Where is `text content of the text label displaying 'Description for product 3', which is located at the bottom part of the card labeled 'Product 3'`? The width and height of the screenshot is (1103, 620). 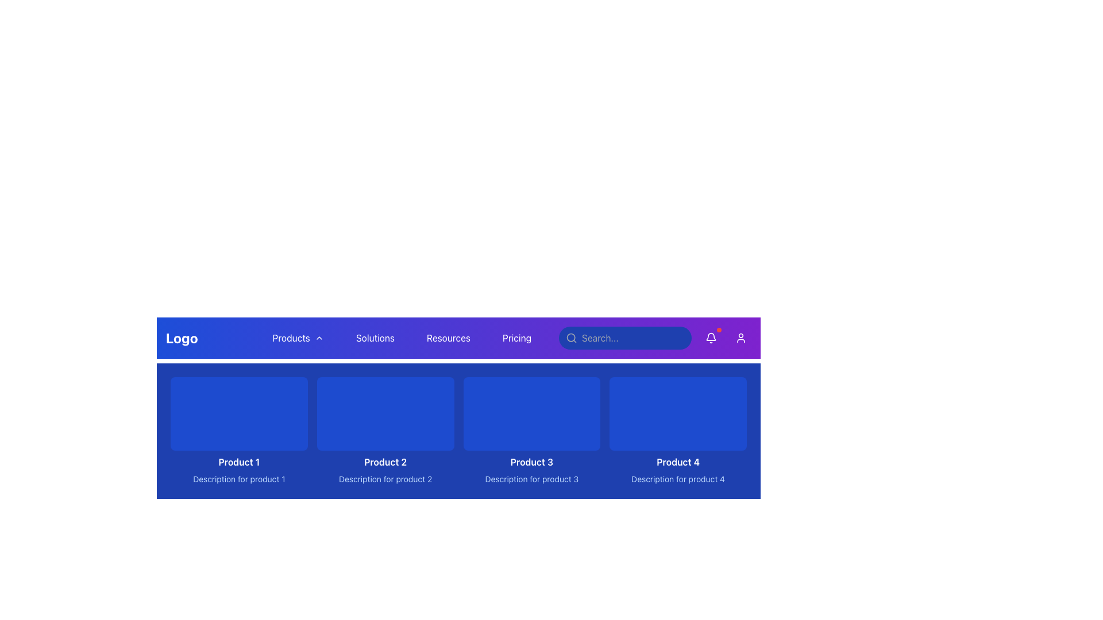 text content of the text label displaying 'Description for product 3', which is located at the bottom part of the card labeled 'Product 3' is located at coordinates (531, 479).